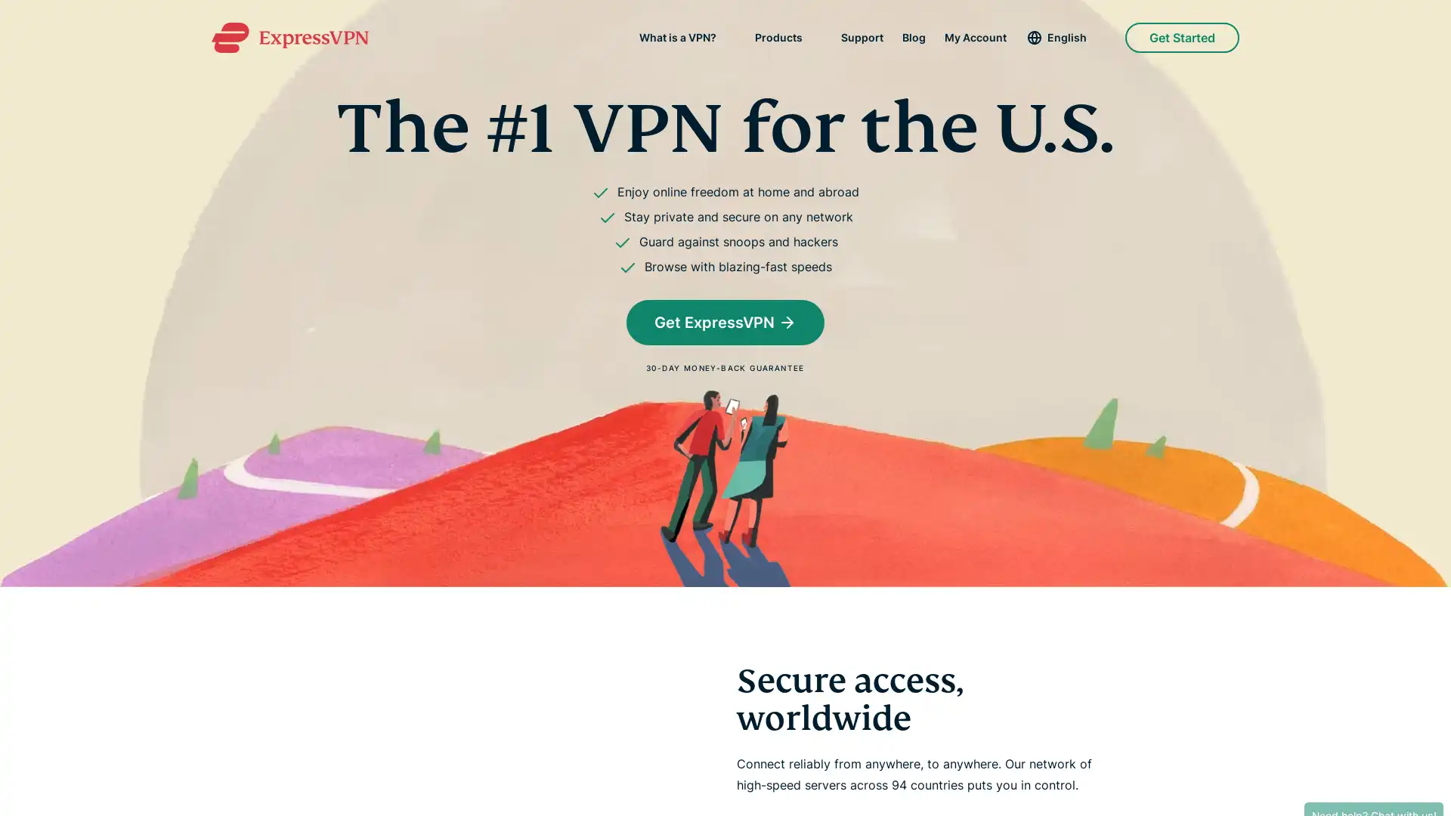 The height and width of the screenshot is (816, 1451). Describe the element at coordinates (1065, 37) in the screenshot. I see `Language` at that location.